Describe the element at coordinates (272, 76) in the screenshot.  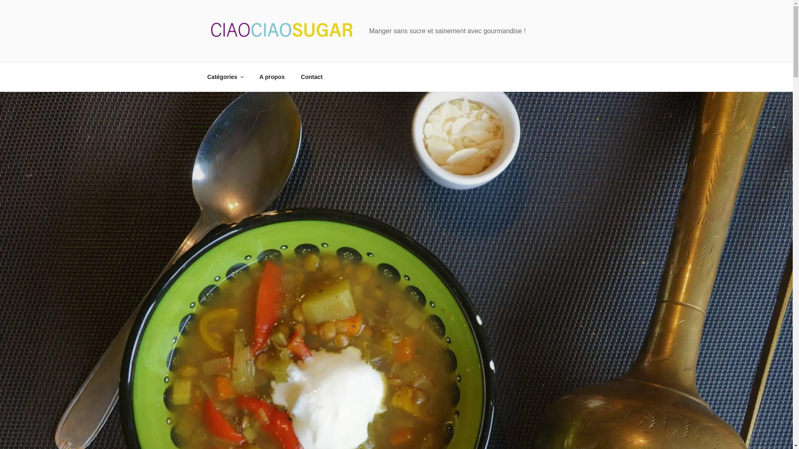
I see `'A propos'` at that location.